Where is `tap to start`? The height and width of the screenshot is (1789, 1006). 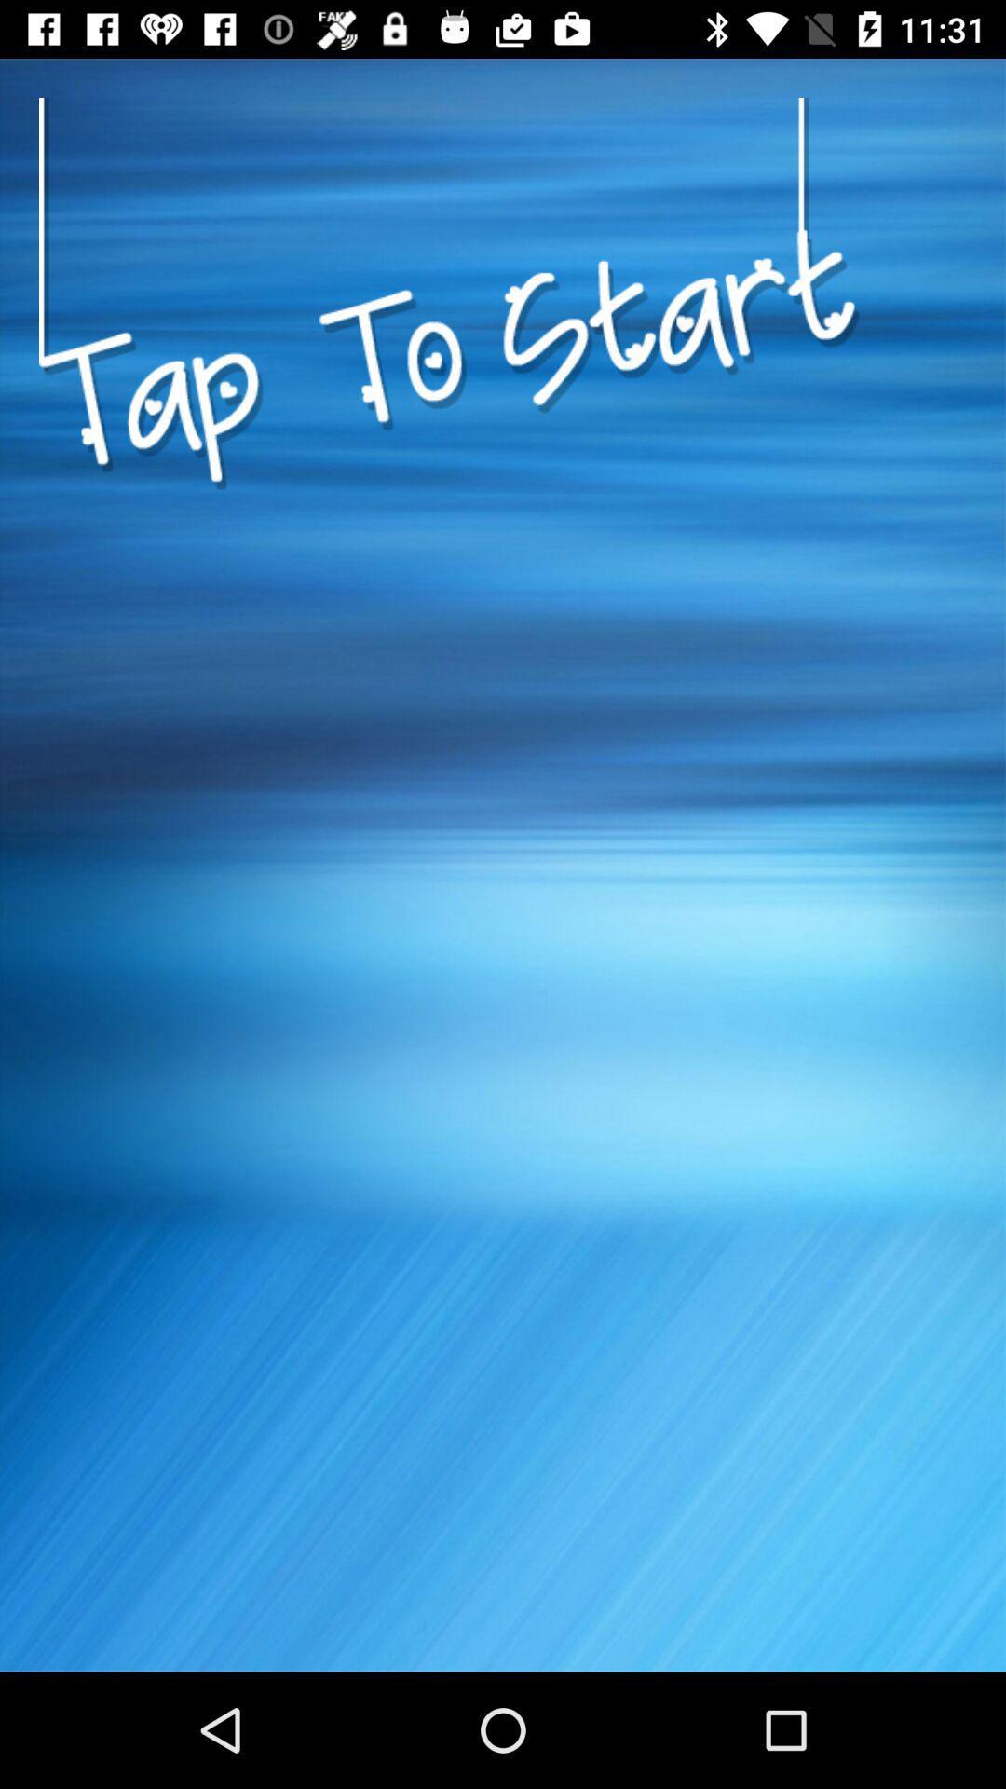 tap to start is located at coordinates (449, 571).